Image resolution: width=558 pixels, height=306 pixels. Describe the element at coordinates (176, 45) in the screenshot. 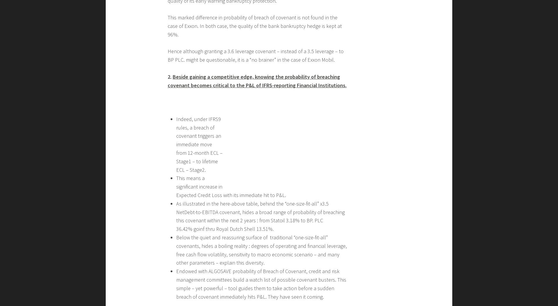

I see `'you can also announce your VIP client that this means an $ XYZ additional  Return On Invested Capital – ROIC.'` at that location.